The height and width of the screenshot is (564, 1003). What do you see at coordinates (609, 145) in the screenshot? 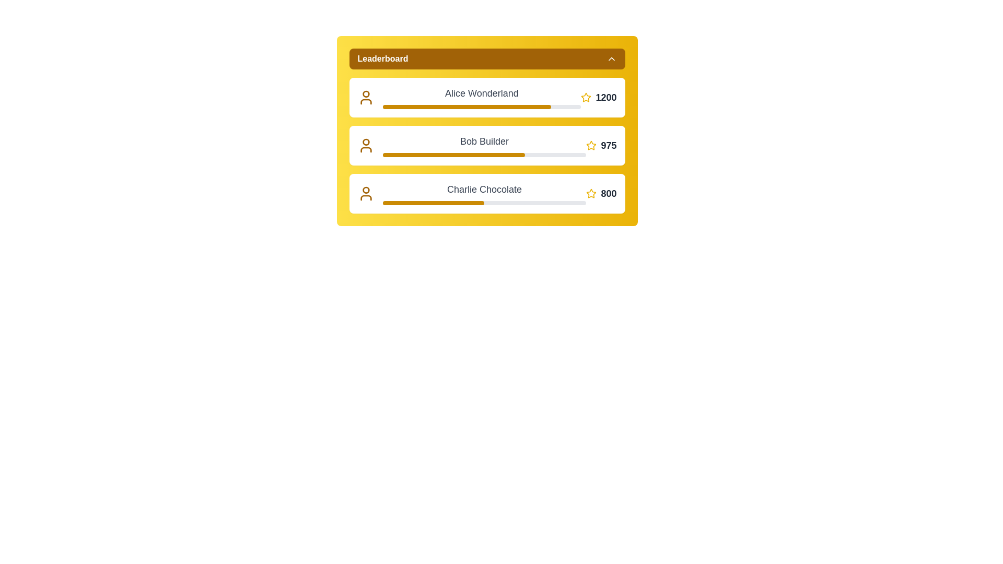
I see `displayed score or rating for 'Bob Builder' from the text label located at the far-right end of the leaderboard entry, positioned to the right of the star icon` at bounding box center [609, 145].